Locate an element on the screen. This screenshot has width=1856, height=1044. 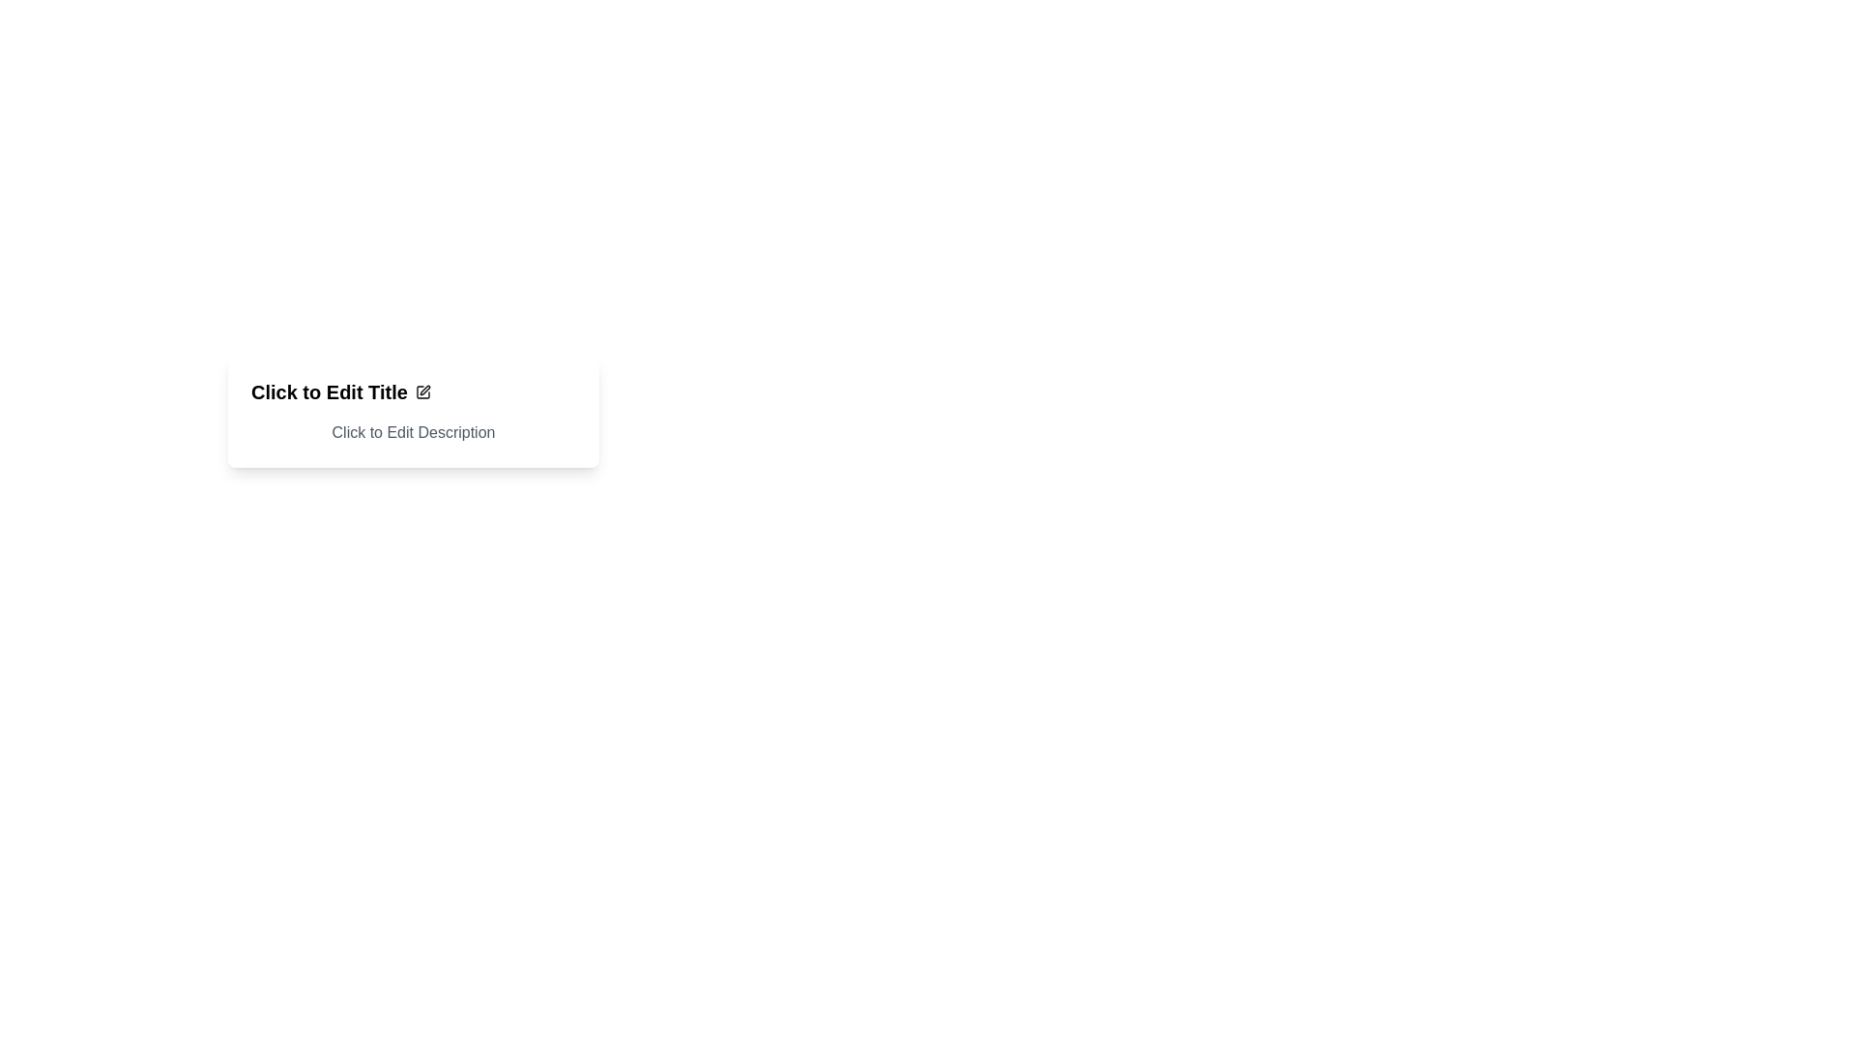
prominently styled text label that says 'Click to Edit Title', which is designed to catch attention and is aligned with a pencil icon for editing functionality is located at coordinates (329, 391).